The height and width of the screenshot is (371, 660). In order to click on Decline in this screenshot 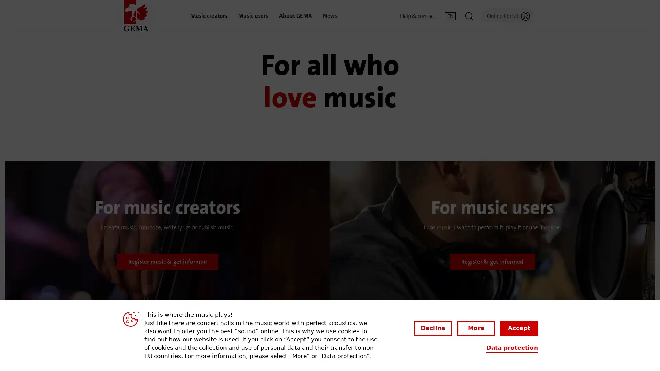, I will do `click(432, 328)`.